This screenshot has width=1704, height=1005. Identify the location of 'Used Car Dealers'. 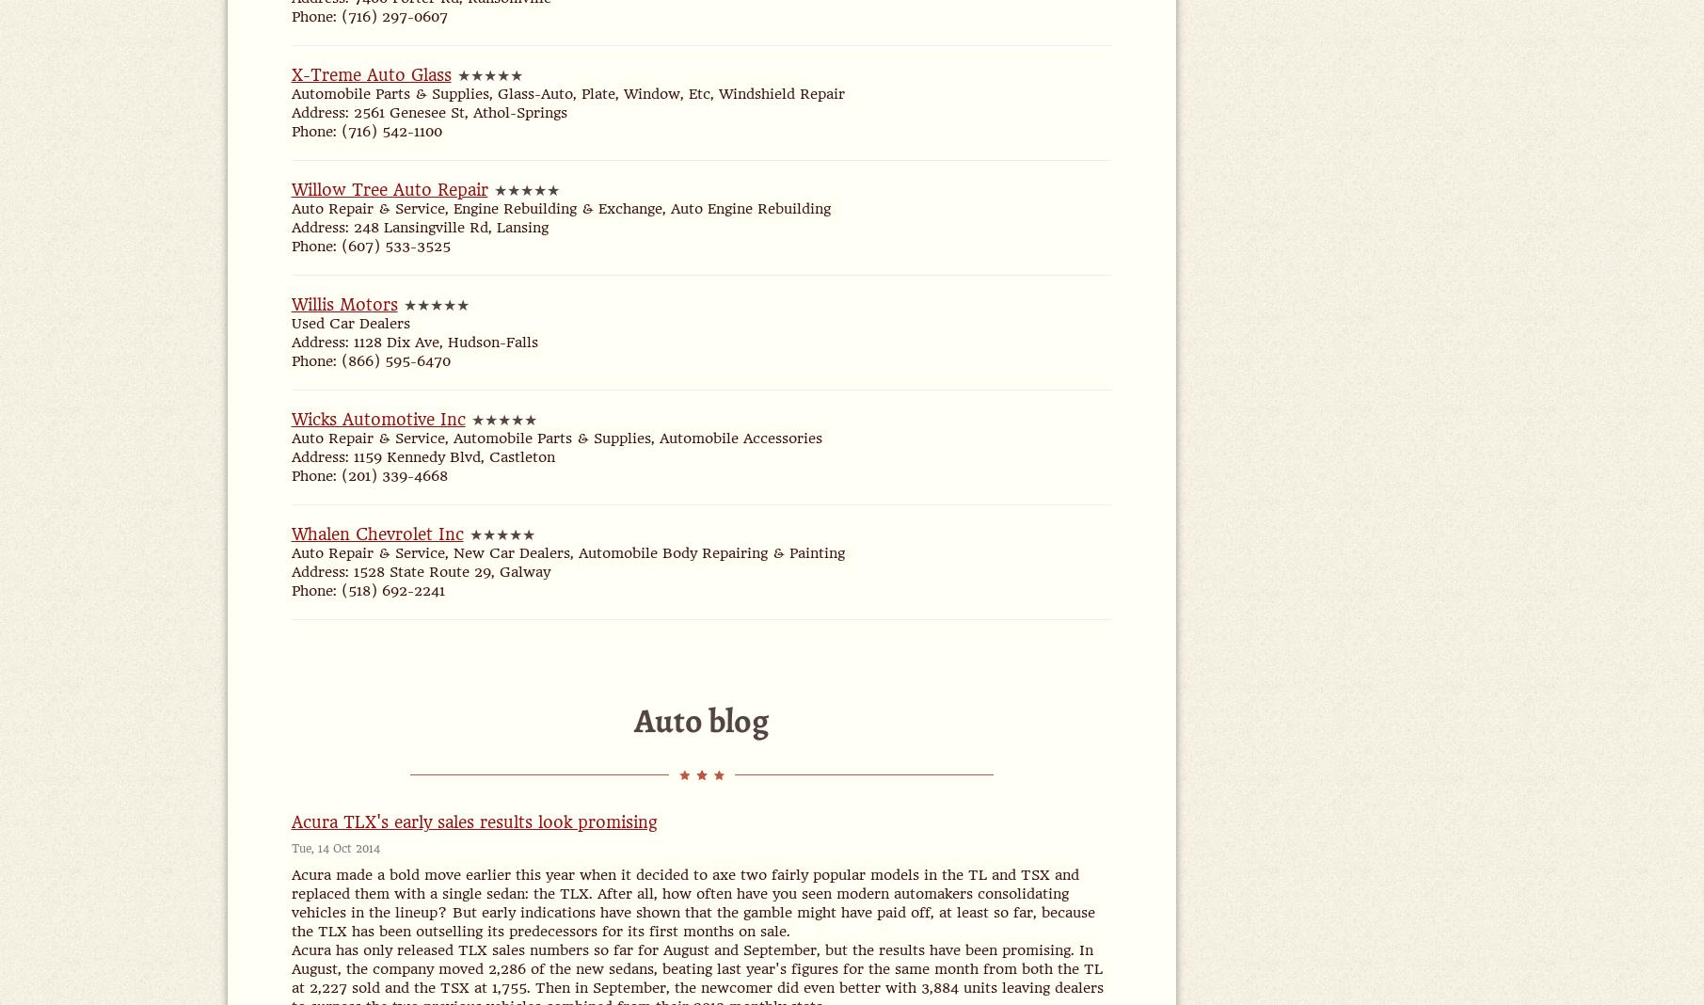
(348, 323).